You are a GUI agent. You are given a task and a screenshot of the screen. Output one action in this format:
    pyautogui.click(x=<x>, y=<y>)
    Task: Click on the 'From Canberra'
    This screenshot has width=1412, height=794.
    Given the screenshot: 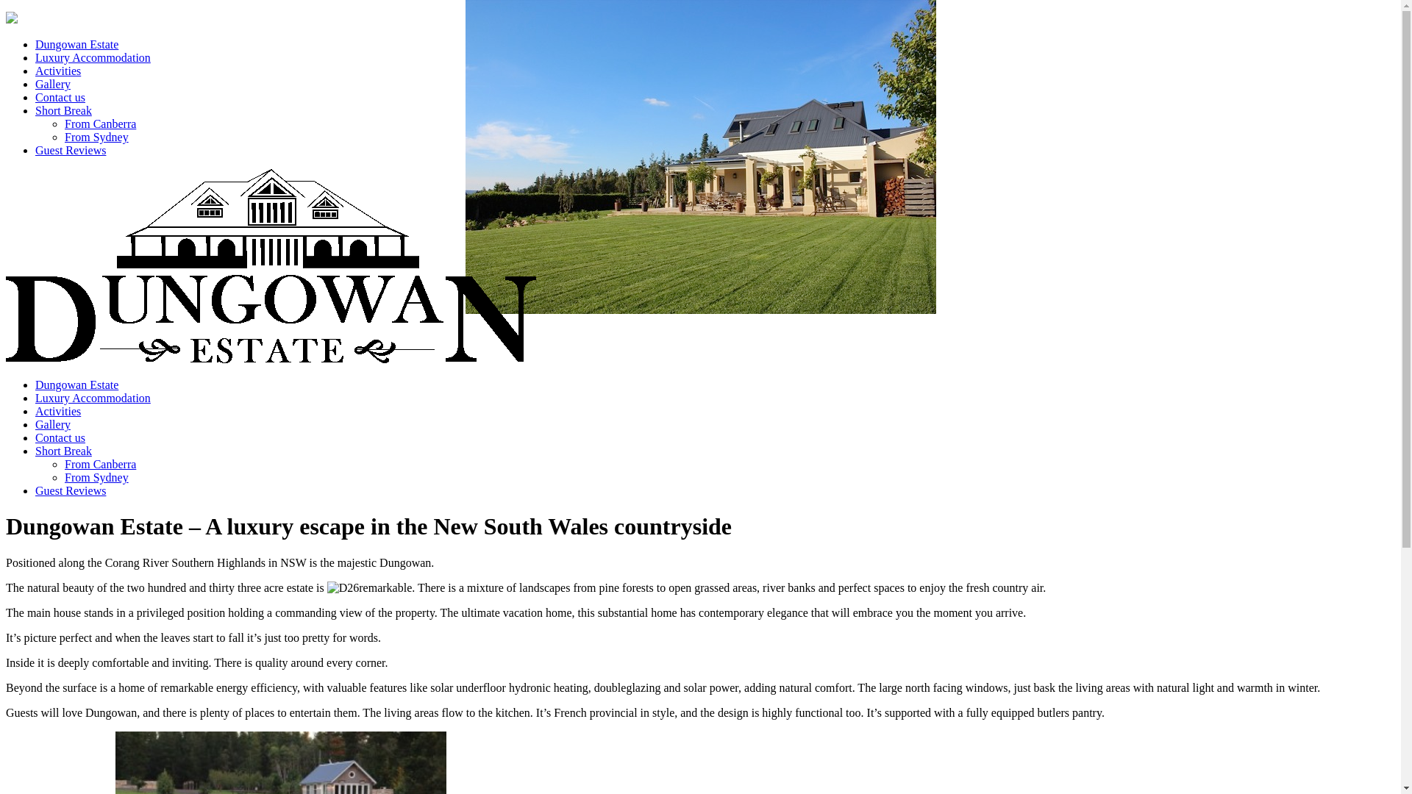 What is the action you would take?
    pyautogui.click(x=99, y=464)
    